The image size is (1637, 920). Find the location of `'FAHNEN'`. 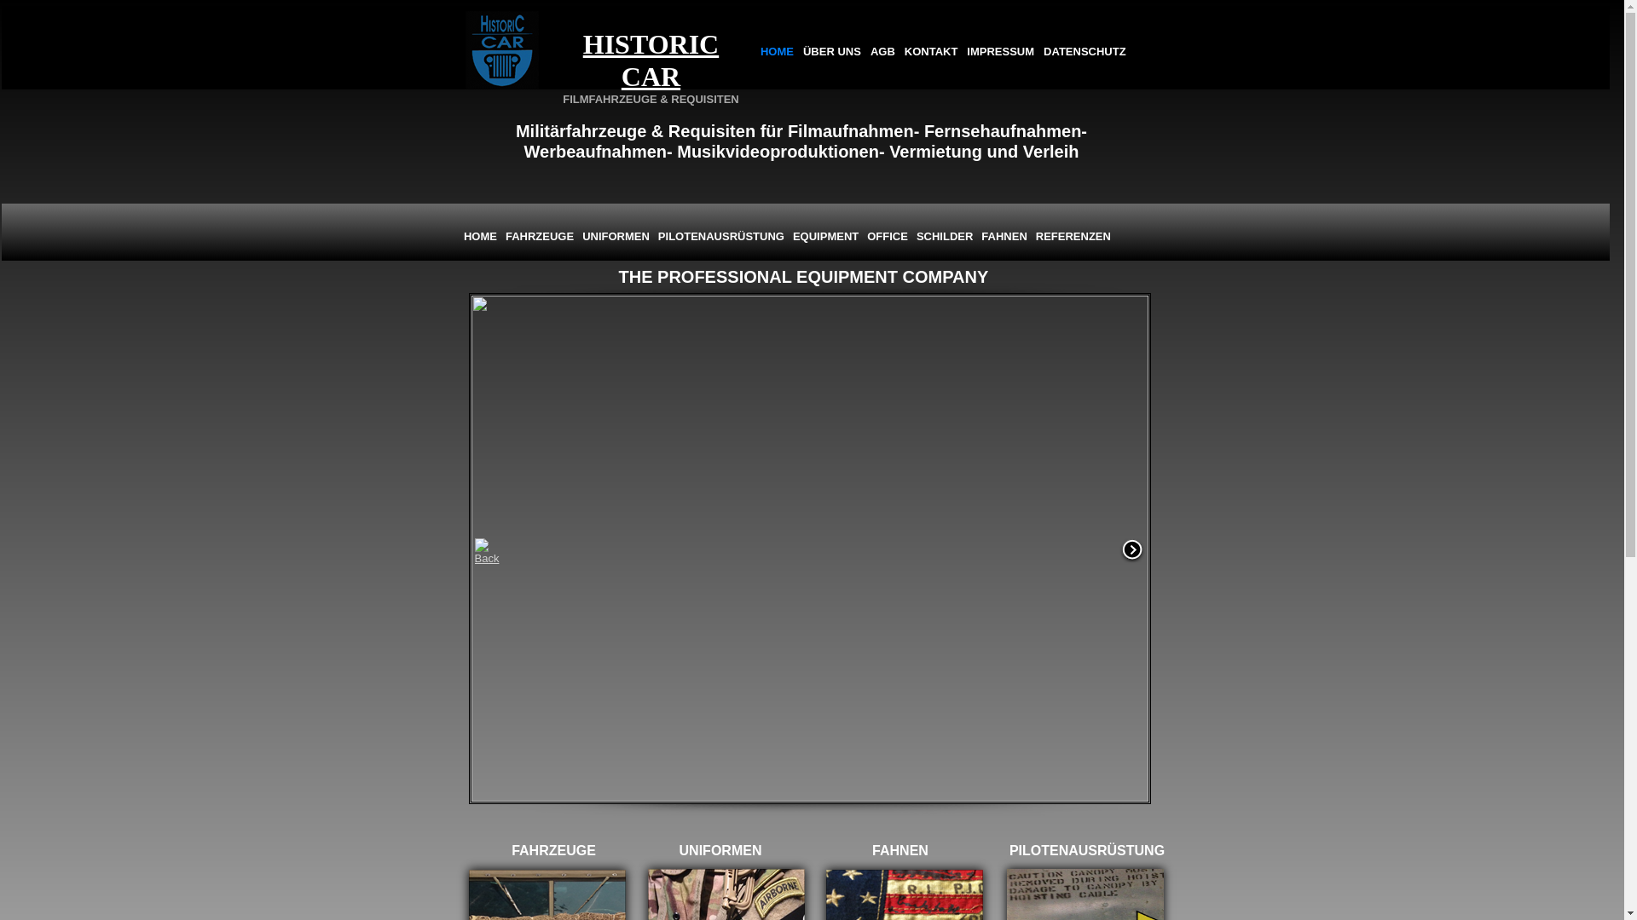

'FAHNEN' is located at coordinates (1004, 236).